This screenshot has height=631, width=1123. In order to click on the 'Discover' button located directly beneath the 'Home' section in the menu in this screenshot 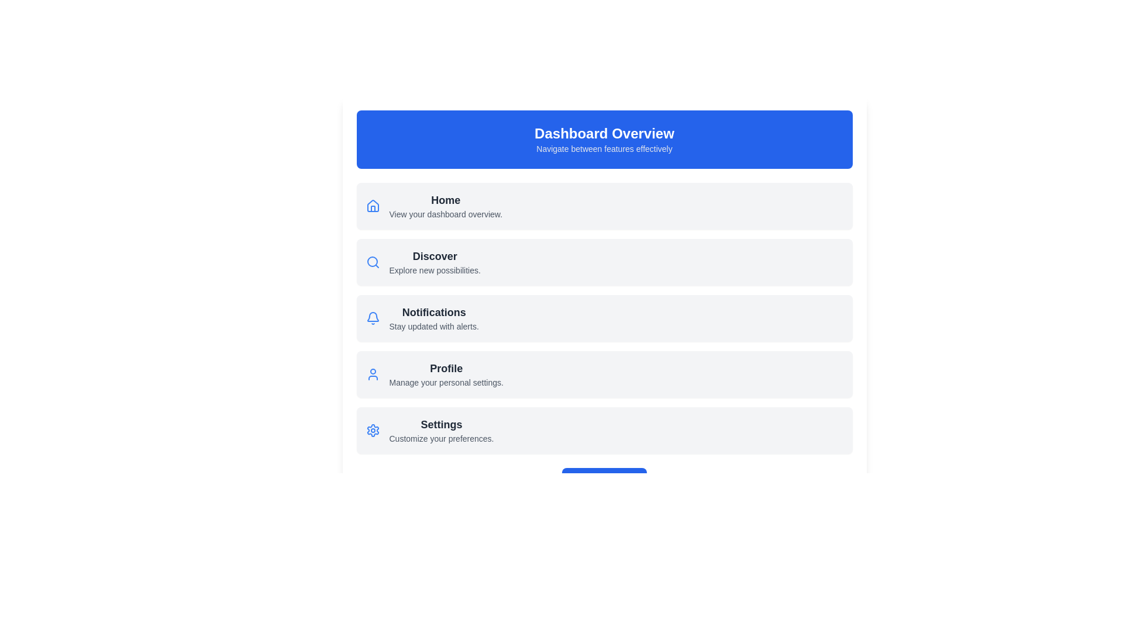, I will do `click(604, 261)`.